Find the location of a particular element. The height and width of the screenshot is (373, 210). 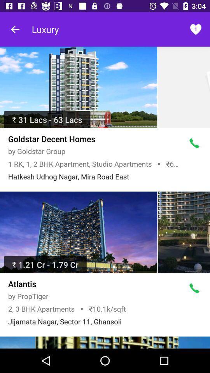

phone this business is located at coordinates (194, 143).